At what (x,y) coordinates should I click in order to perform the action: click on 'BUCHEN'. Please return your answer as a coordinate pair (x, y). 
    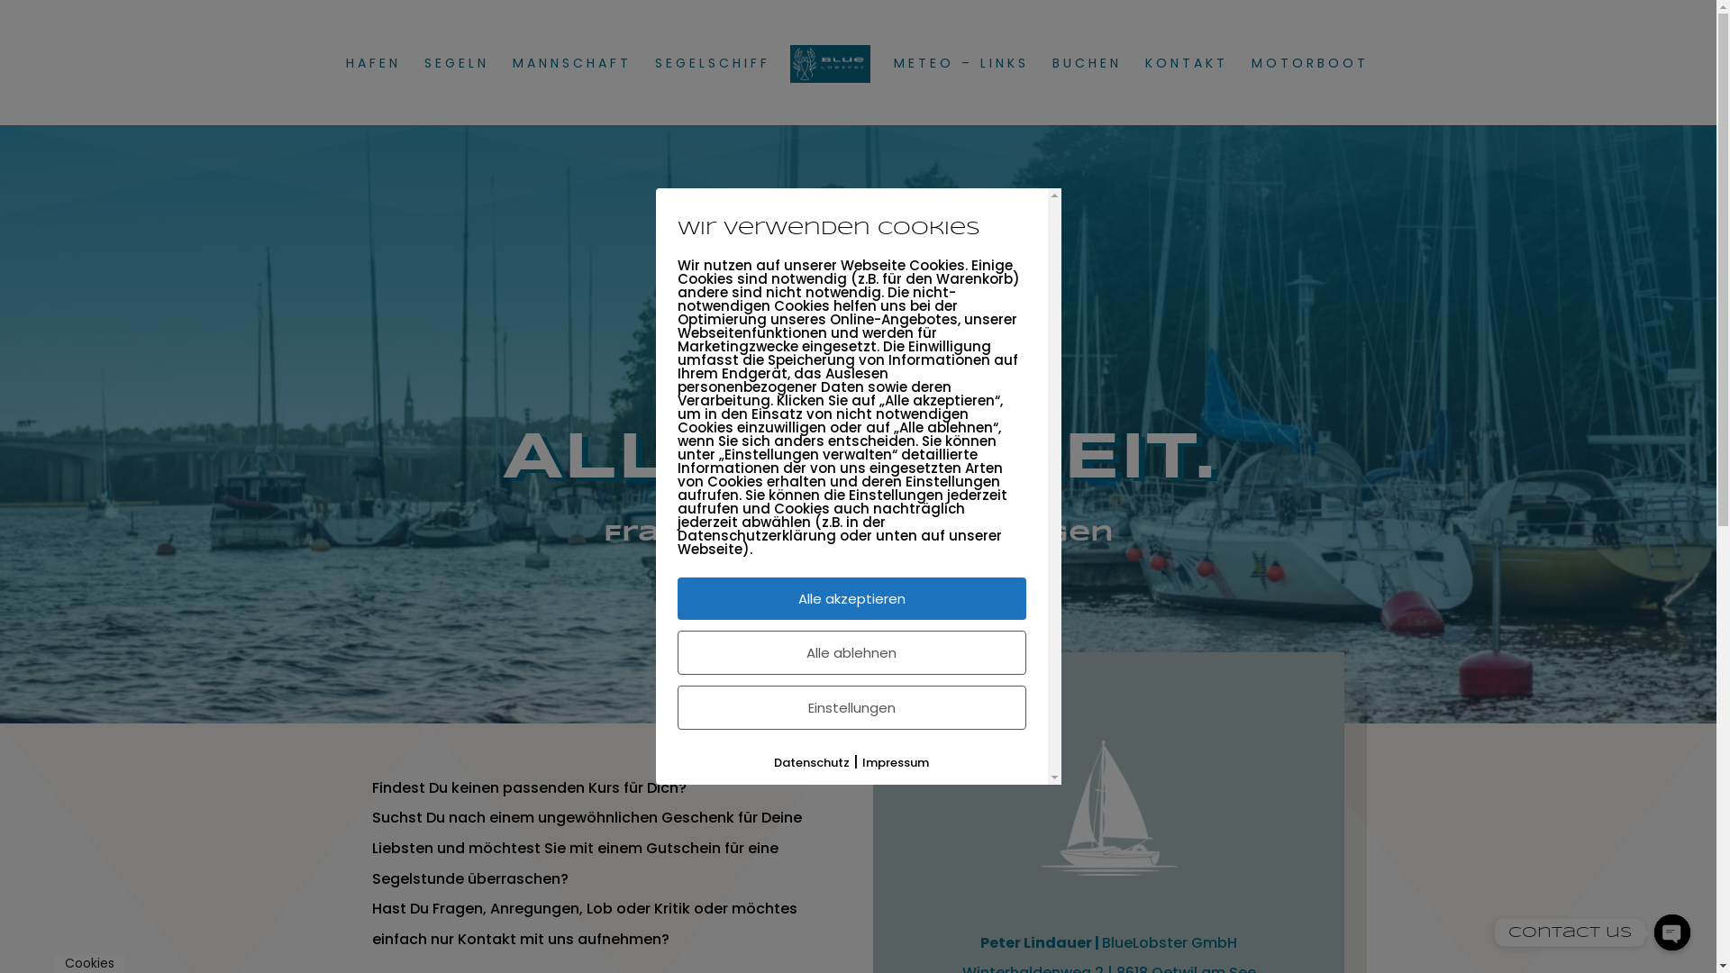
    Looking at the image, I should click on (1086, 90).